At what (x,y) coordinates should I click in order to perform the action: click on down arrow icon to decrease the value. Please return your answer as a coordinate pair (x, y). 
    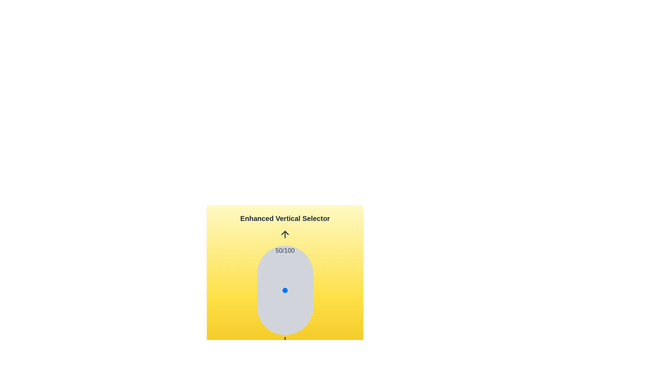
    Looking at the image, I should click on (285, 340).